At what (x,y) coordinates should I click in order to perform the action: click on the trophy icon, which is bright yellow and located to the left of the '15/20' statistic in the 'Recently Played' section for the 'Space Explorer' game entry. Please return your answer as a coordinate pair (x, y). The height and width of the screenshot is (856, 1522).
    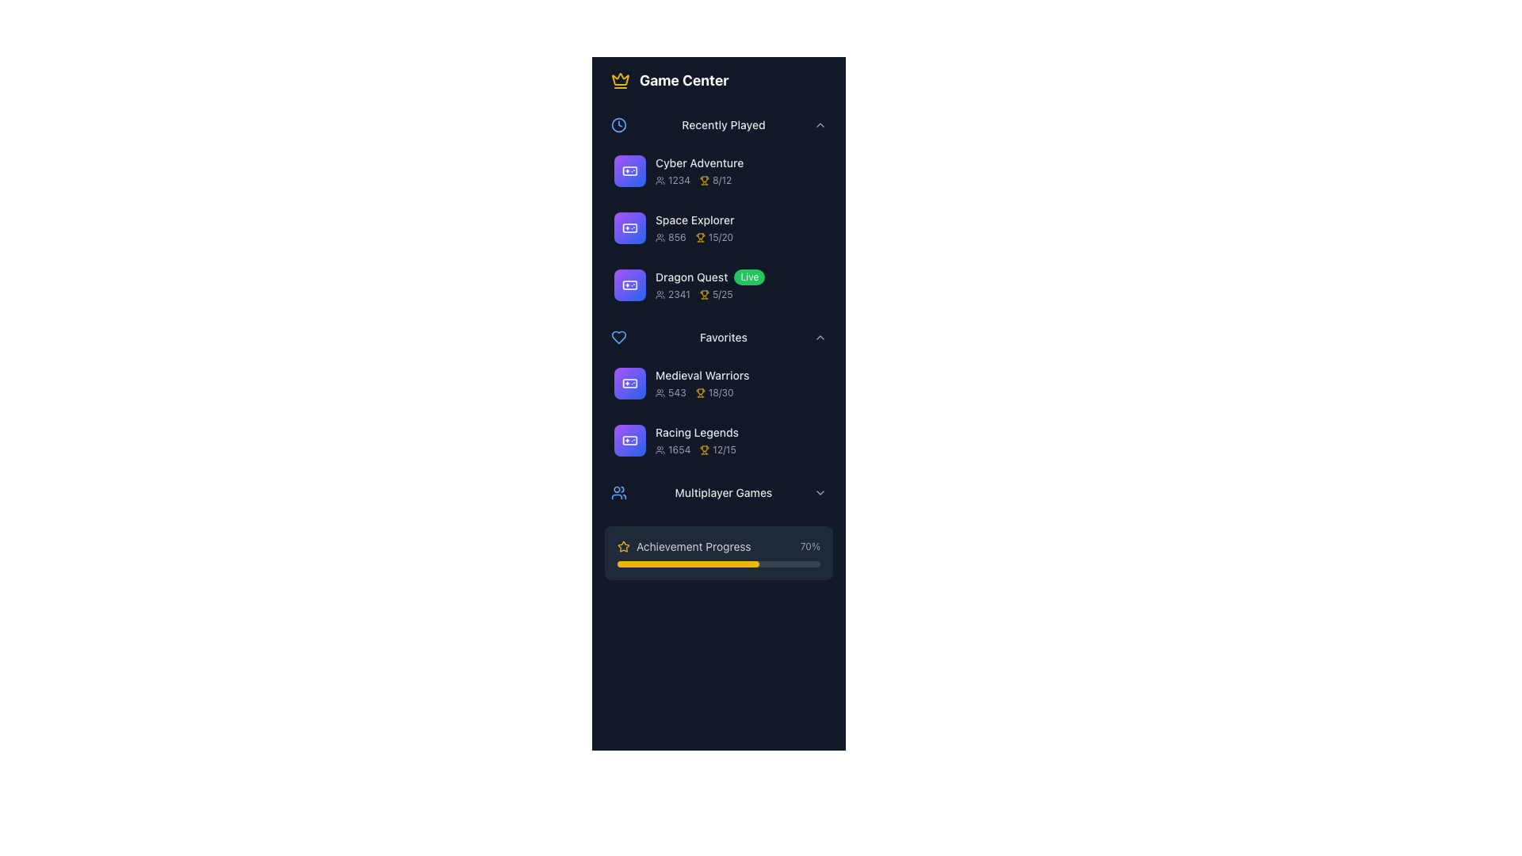
    Looking at the image, I should click on (699, 238).